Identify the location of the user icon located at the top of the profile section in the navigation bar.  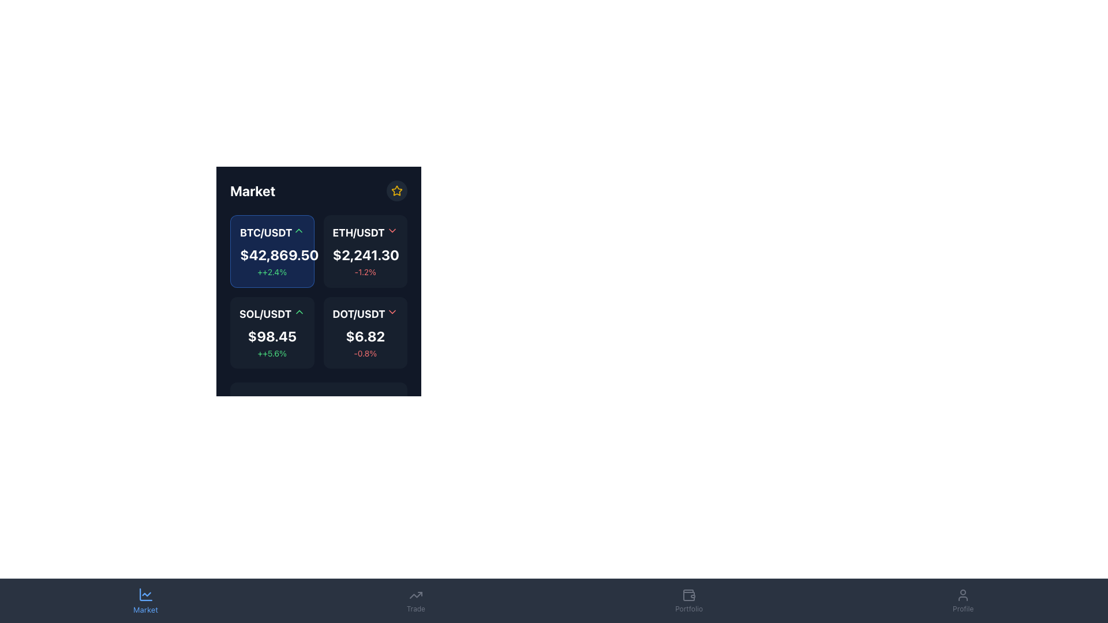
(963, 595).